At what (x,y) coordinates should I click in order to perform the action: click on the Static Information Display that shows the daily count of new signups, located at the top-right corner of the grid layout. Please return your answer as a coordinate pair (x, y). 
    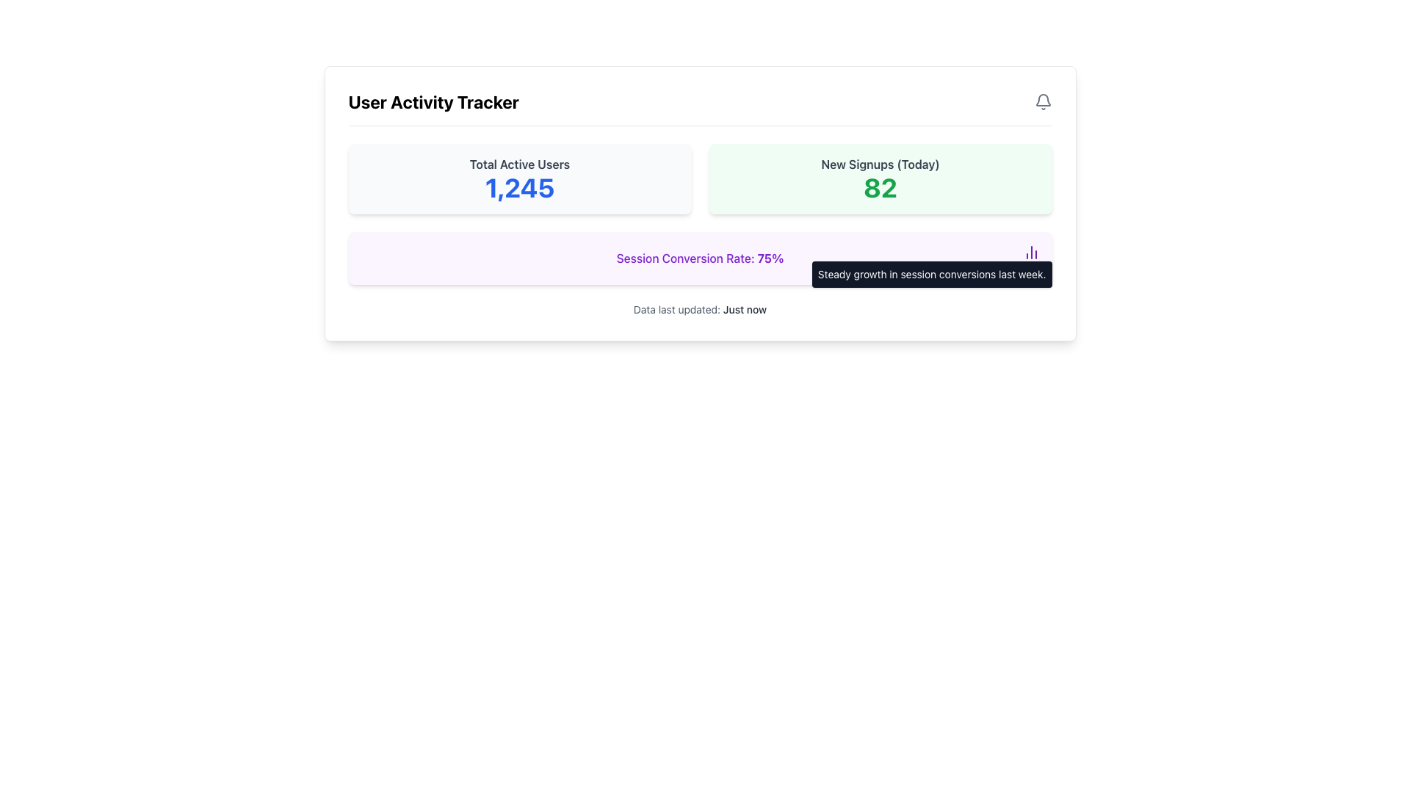
    Looking at the image, I should click on (881, 178).